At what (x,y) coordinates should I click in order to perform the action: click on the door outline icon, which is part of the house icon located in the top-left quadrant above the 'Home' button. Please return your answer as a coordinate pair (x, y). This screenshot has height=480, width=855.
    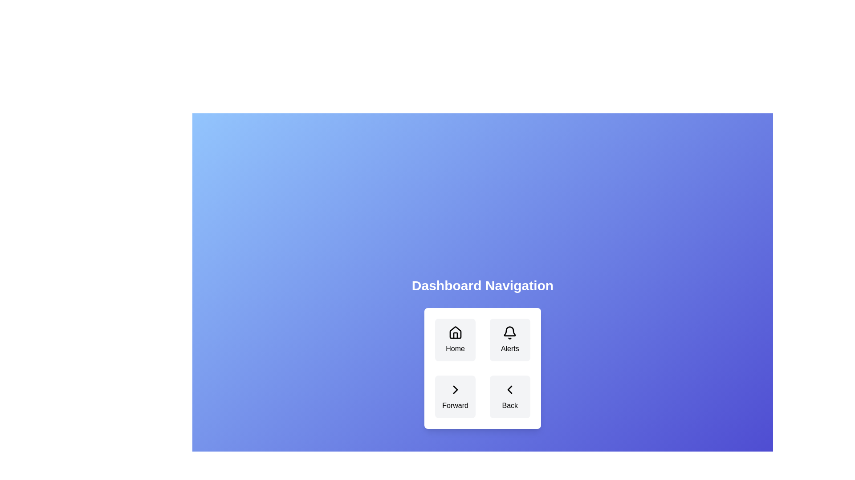
    Looking at the image, I should click on (455, 336).